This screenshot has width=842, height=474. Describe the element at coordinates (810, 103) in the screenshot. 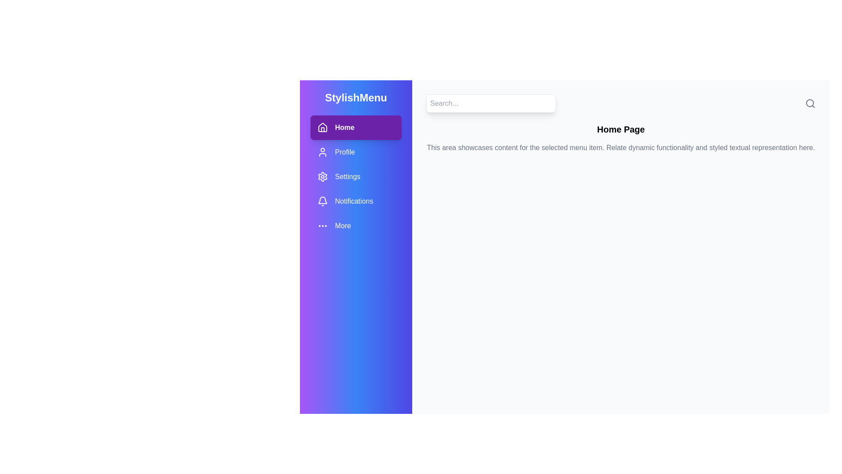

I see `the search icon to initiate a search action` at that location.